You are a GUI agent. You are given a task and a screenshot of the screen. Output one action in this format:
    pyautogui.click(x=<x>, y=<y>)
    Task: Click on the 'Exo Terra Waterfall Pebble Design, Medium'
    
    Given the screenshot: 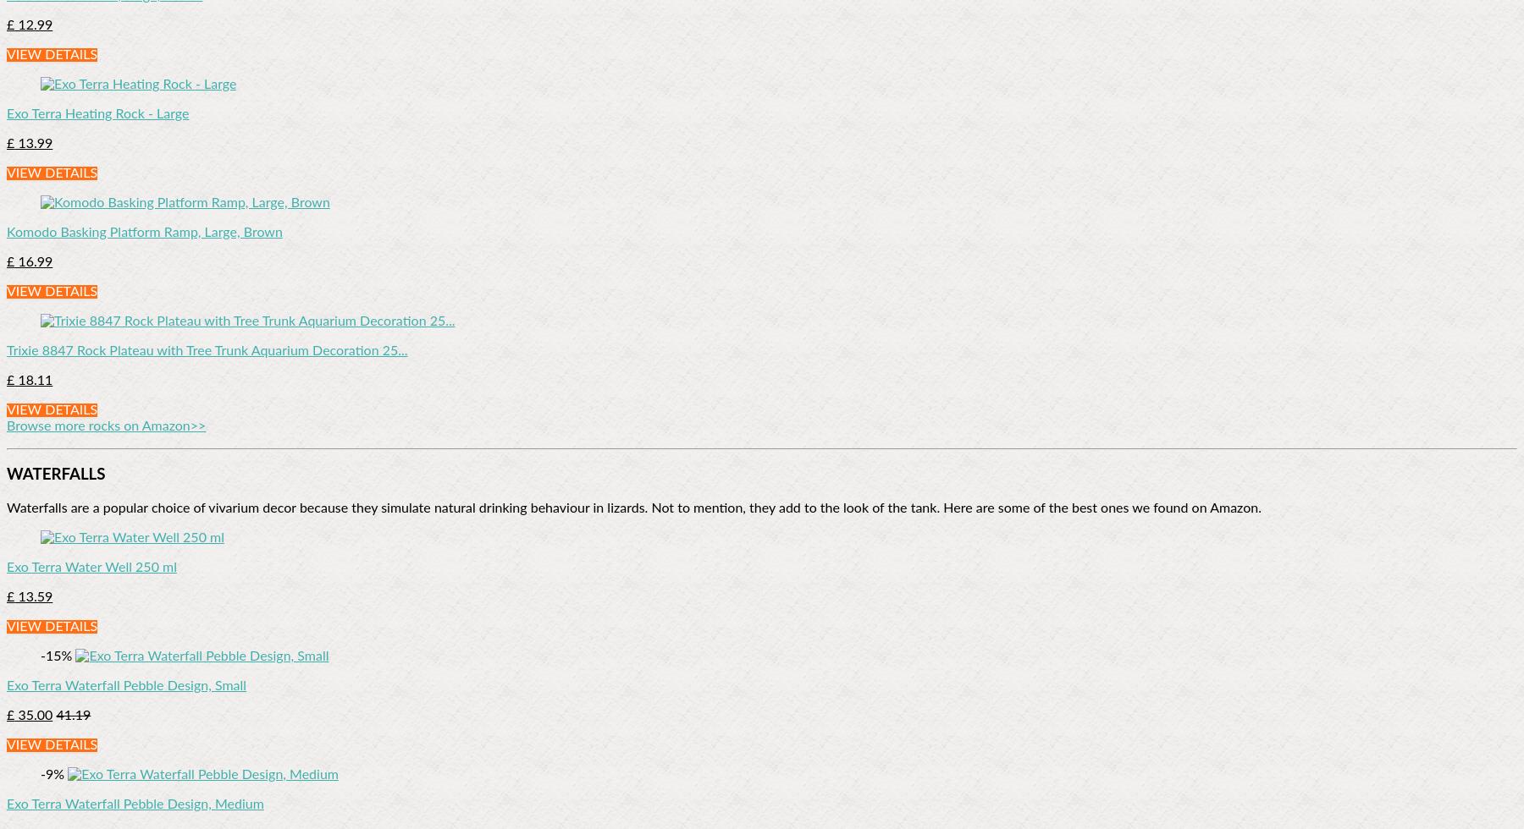 What is the action you would take?
    pyautogui.click(x=135, y=804)
    